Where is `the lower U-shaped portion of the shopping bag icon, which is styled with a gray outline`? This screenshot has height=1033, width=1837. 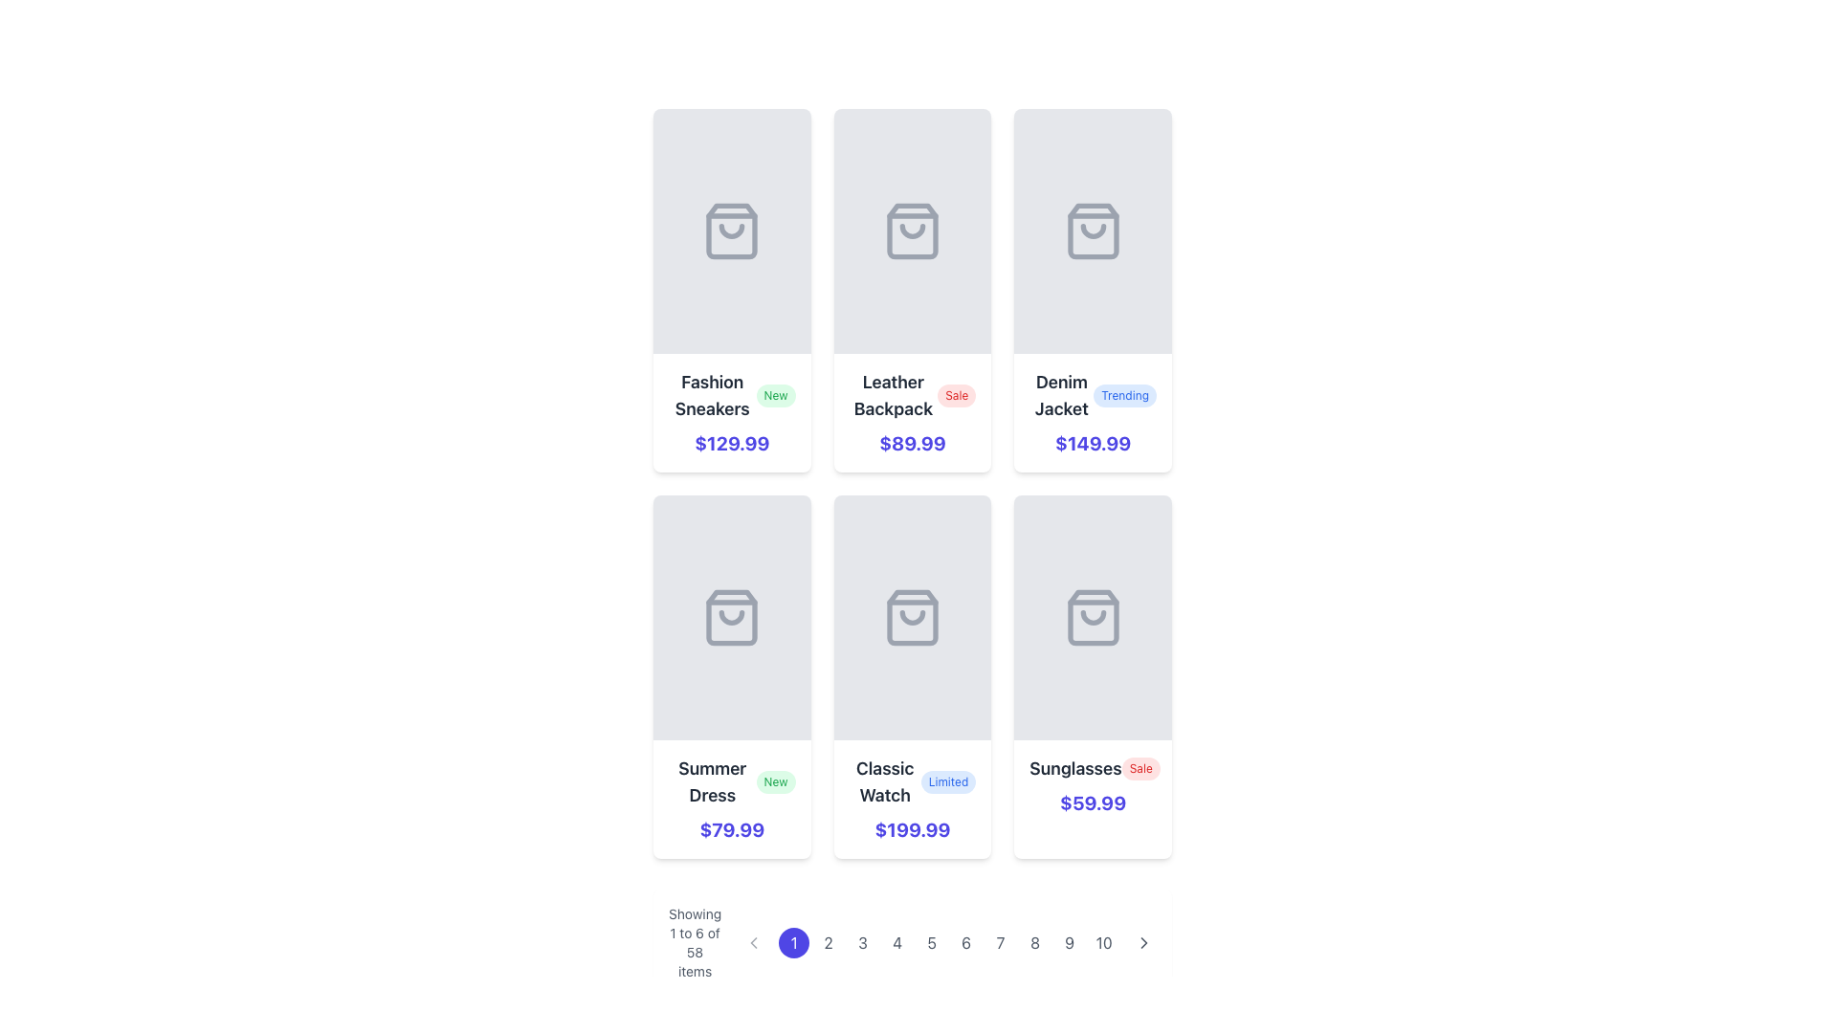 the lower U-shaped portion of the shopping bag icon, which is styled with a gray outline is located at coordinates (912, 617).